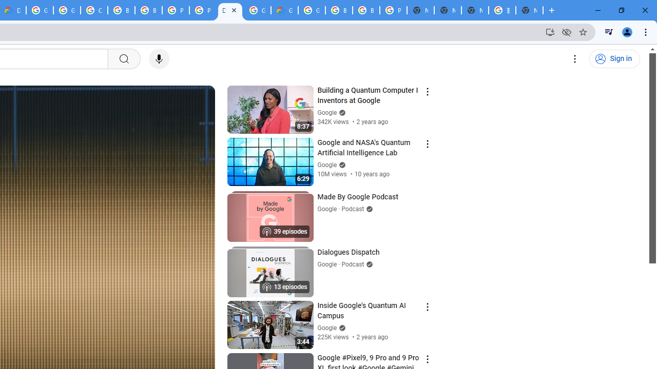  I want to click on 'Verified', so click(341, 327).